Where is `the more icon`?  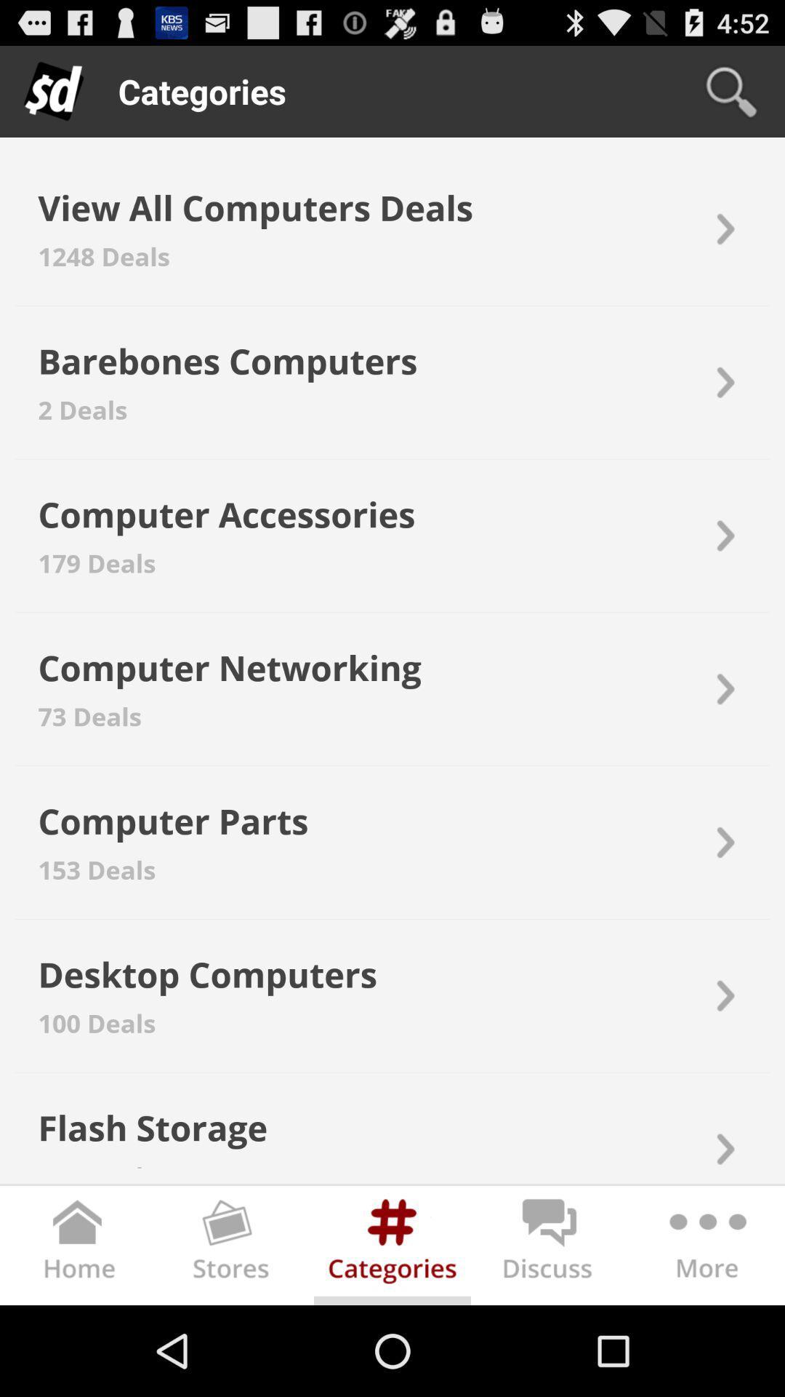
the more icon is located at coordinates (705, 1336).